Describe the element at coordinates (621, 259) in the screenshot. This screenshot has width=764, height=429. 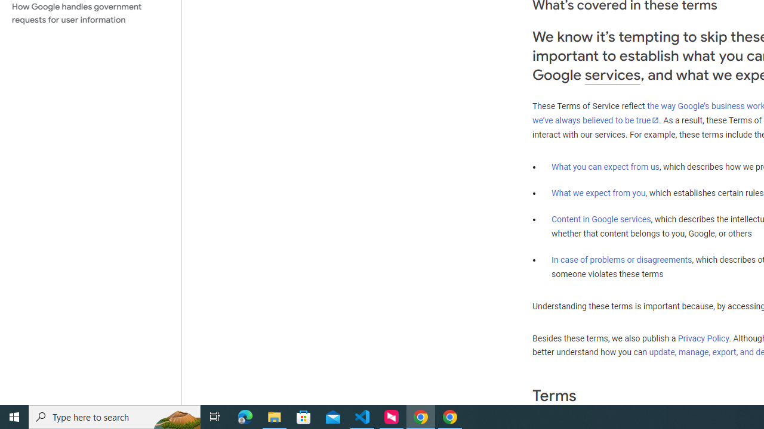
I see `'In case of problems or disagreements'` at that location.